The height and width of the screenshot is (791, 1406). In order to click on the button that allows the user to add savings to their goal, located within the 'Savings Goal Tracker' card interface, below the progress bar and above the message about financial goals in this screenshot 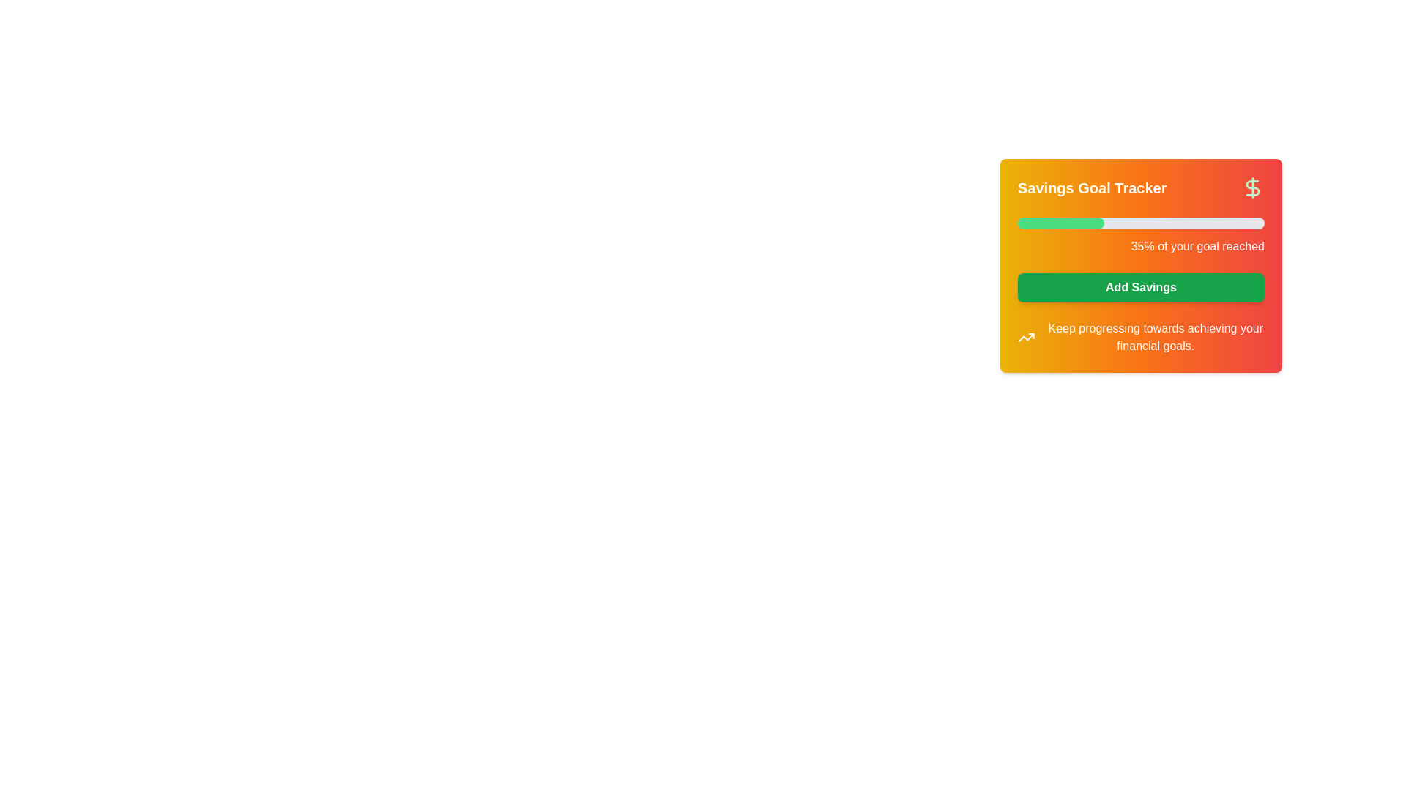, I will do `click(1140, 288)`.